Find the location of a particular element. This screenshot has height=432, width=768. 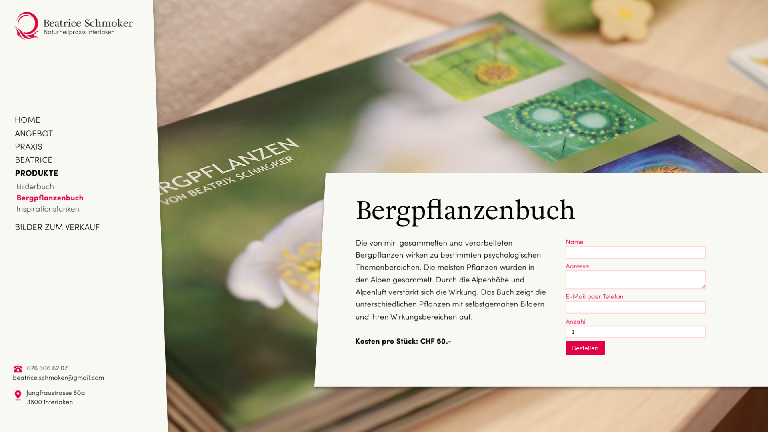

'PRAXIS' is located at coordinates (28, 146).